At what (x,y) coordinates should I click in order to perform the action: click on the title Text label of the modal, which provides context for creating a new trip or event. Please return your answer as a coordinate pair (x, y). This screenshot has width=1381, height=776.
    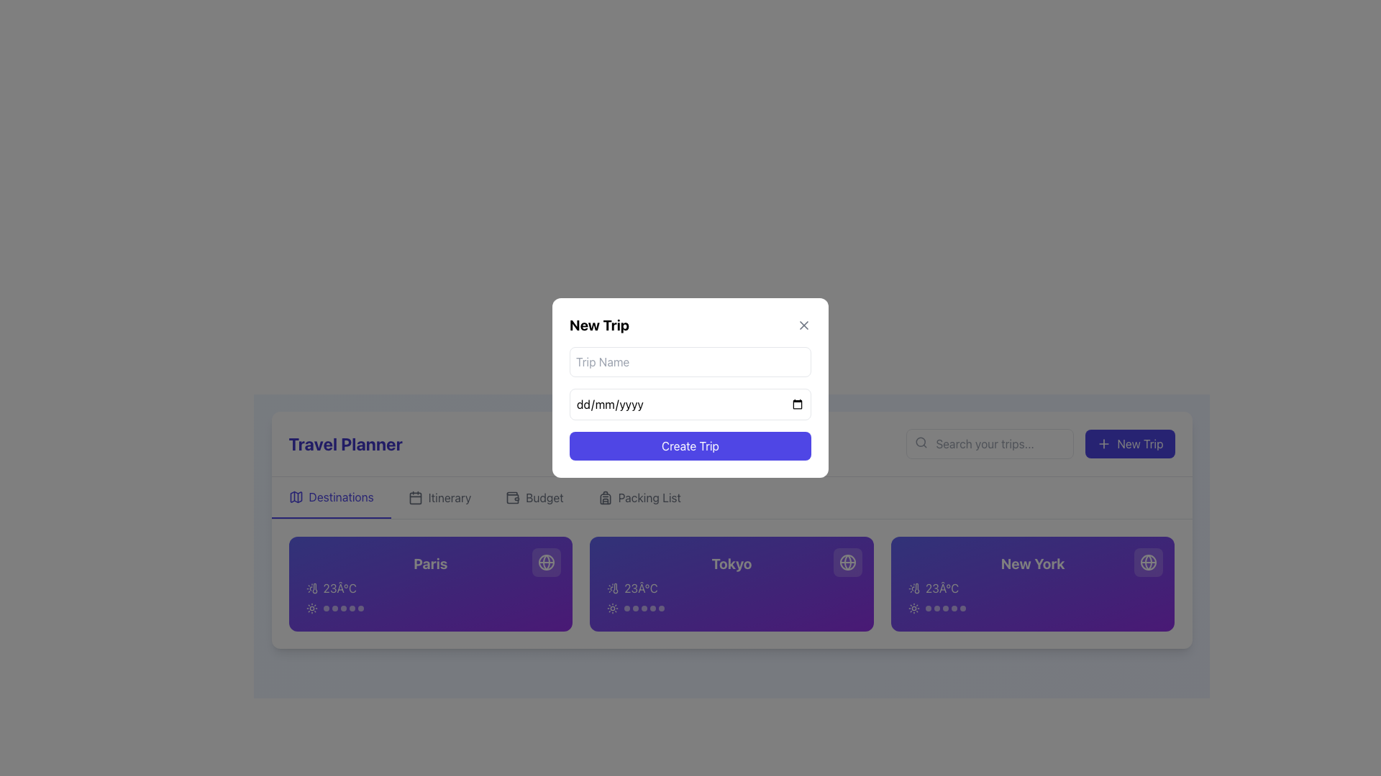
    Looking at the image, I should click on (599, 325).